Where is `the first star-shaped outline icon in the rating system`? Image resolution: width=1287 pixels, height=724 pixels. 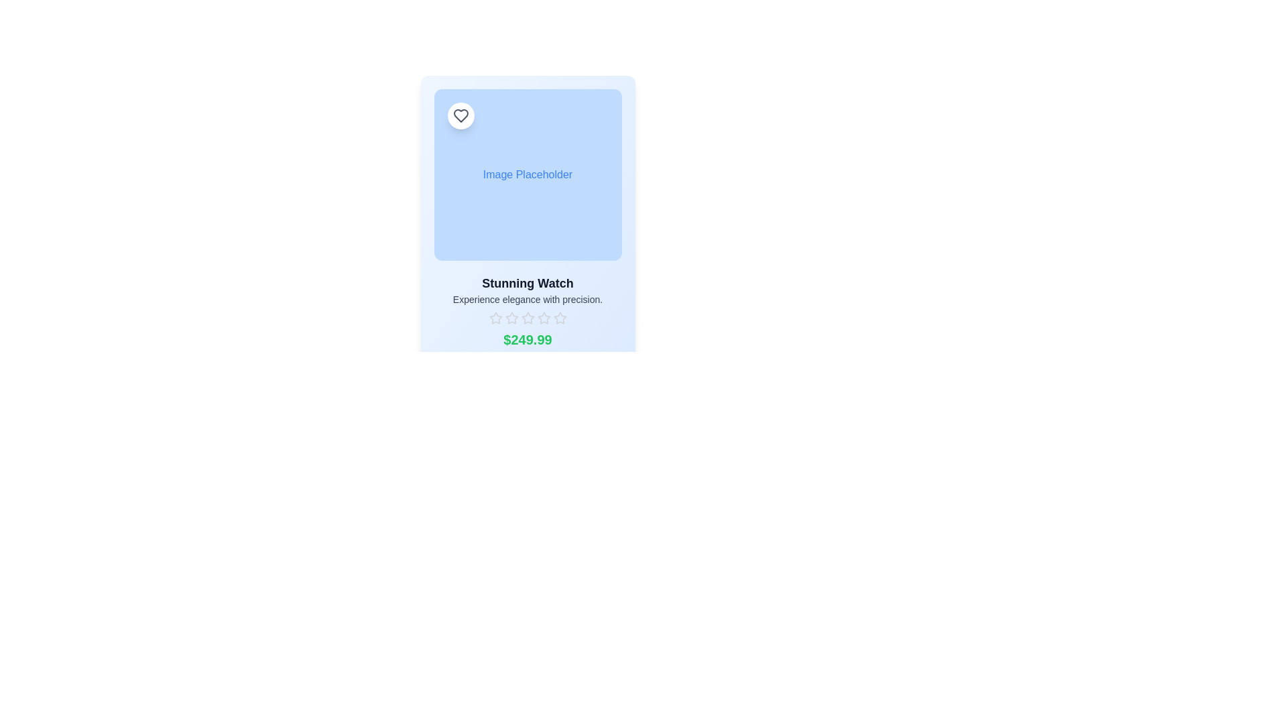
the first star-shaped outline icon in the rating system is located at coordinates (495, 318).